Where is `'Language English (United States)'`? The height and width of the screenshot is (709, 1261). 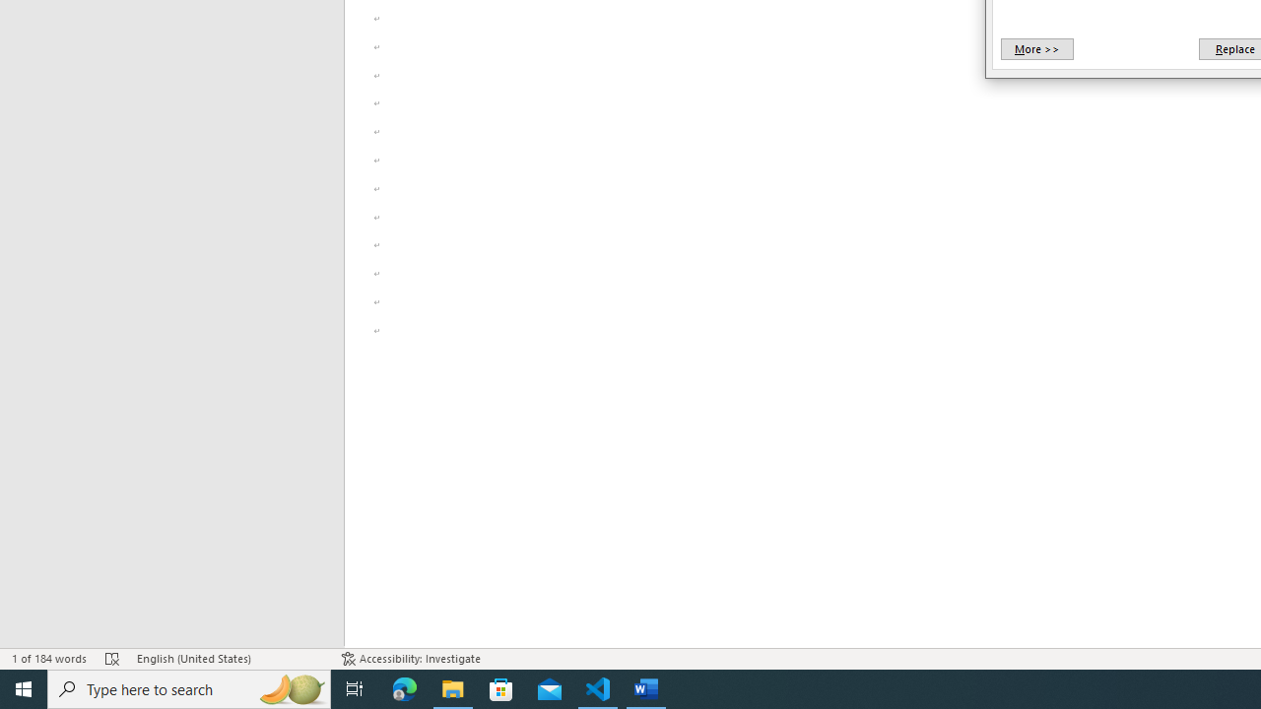 'Language English (United States)' is located at coordinates (229, 659).